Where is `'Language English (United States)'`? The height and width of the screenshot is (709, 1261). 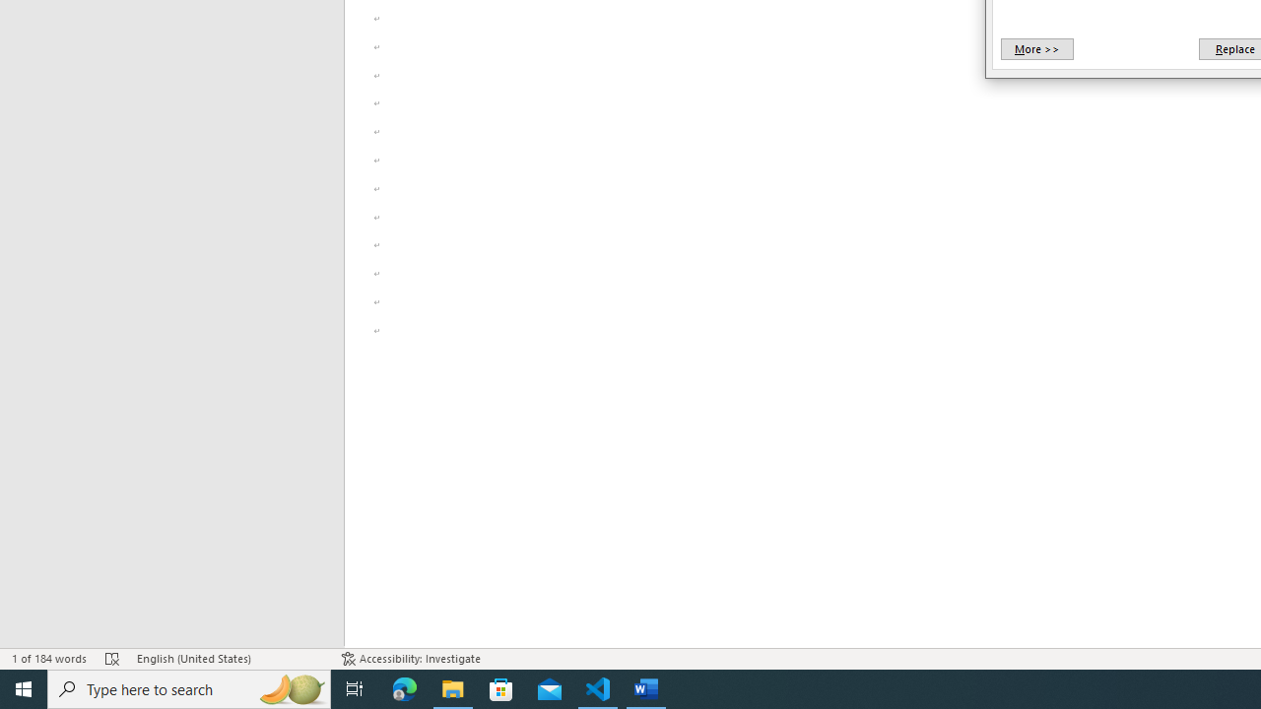 'Language English (United States)' is located at coordinates (229, 659).